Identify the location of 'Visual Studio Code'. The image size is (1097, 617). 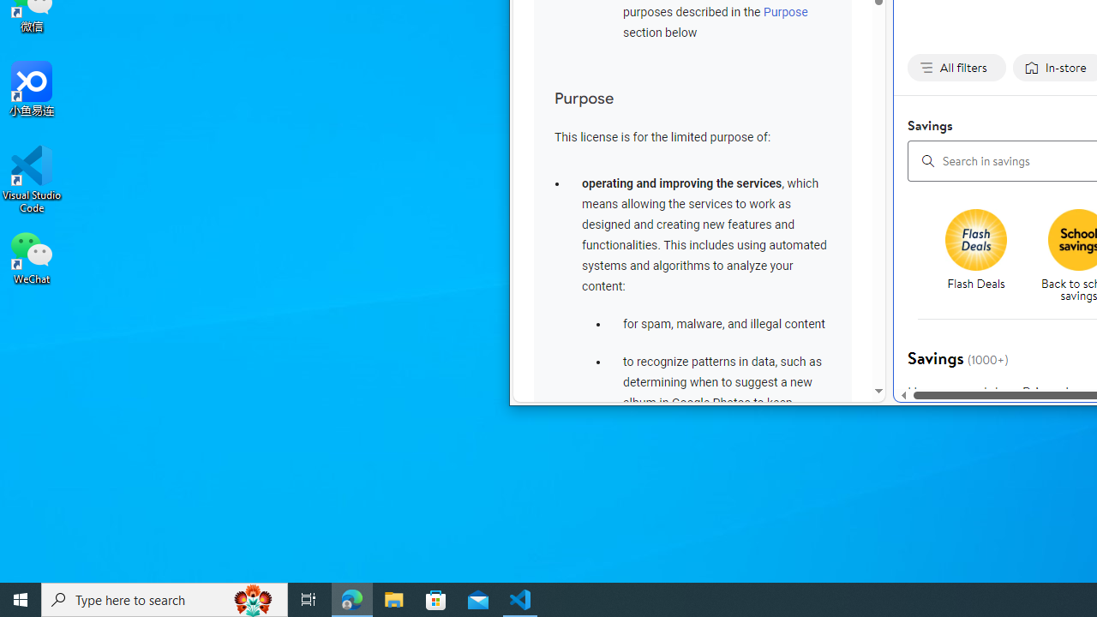
(32, 179).